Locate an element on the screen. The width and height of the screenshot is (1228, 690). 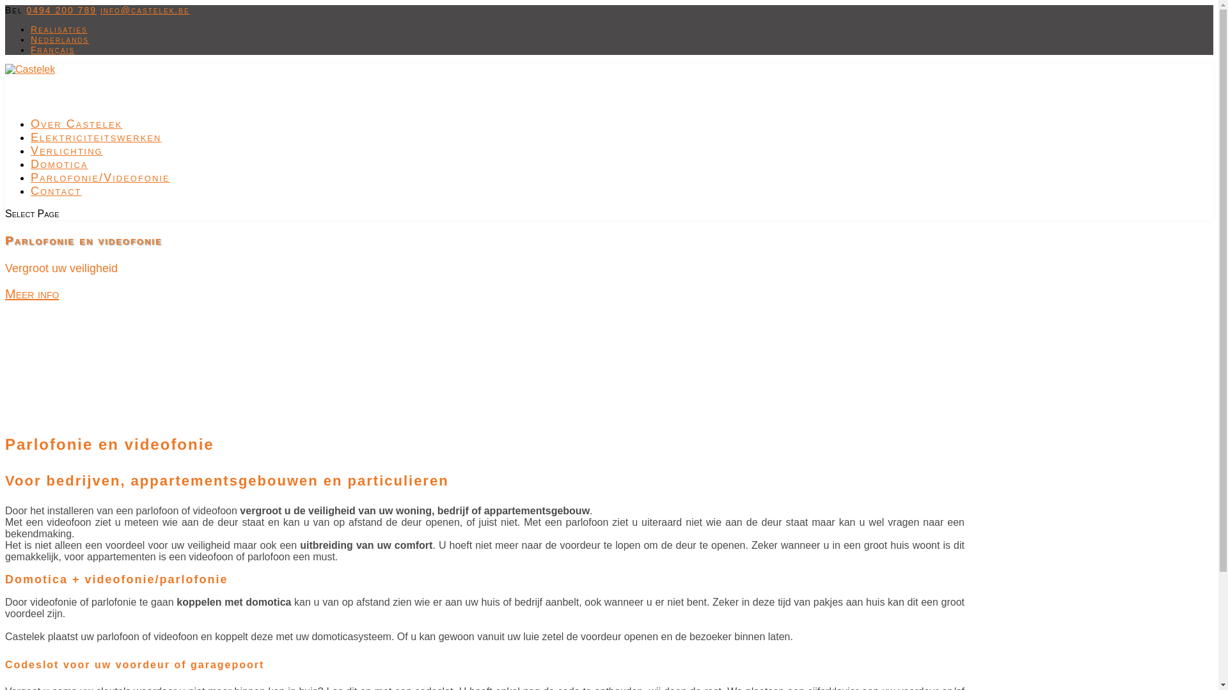
'Verlichting' is located at coordinates (66, 166).